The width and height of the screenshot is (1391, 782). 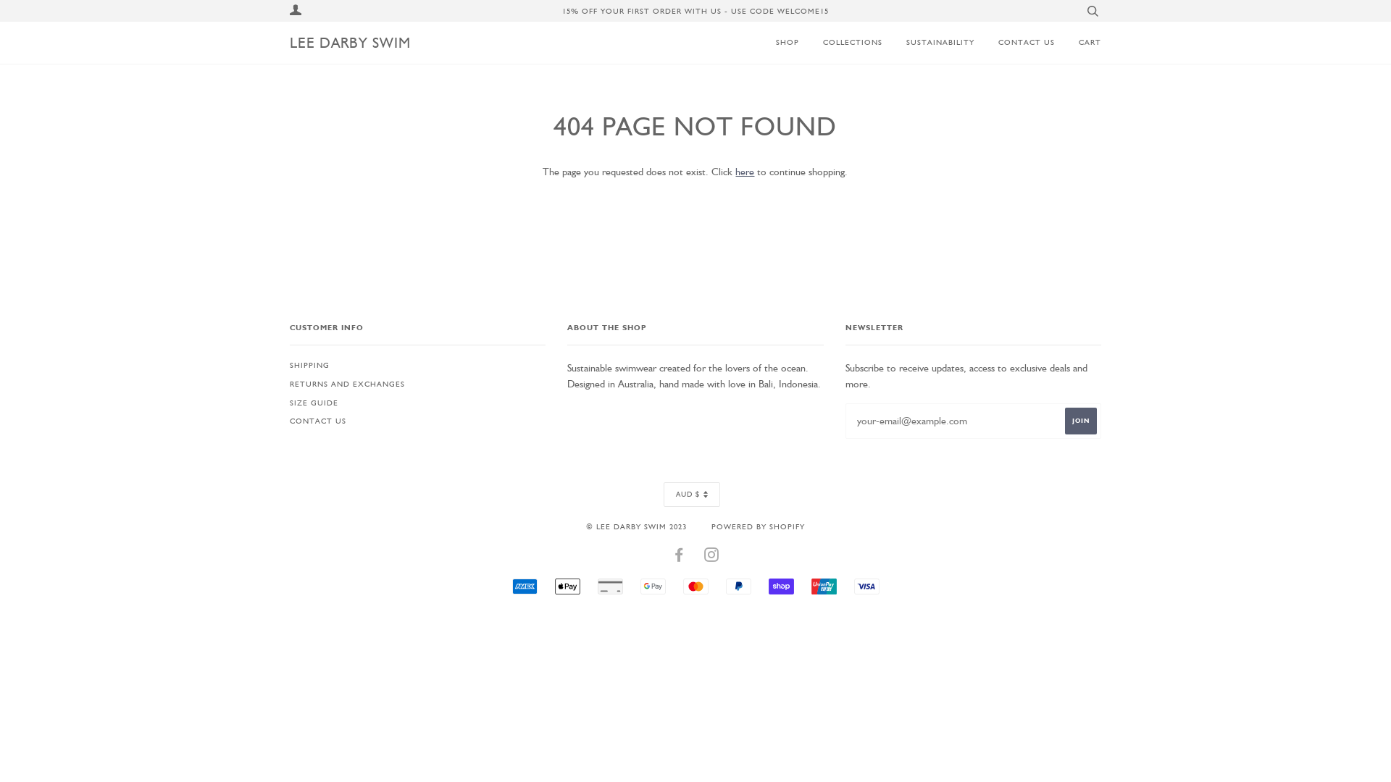 What do you see at coordinates (757, 526) in the screenshot?
I see `'POWERED BY SHOPIFY'` at bounding box center [757, 526].